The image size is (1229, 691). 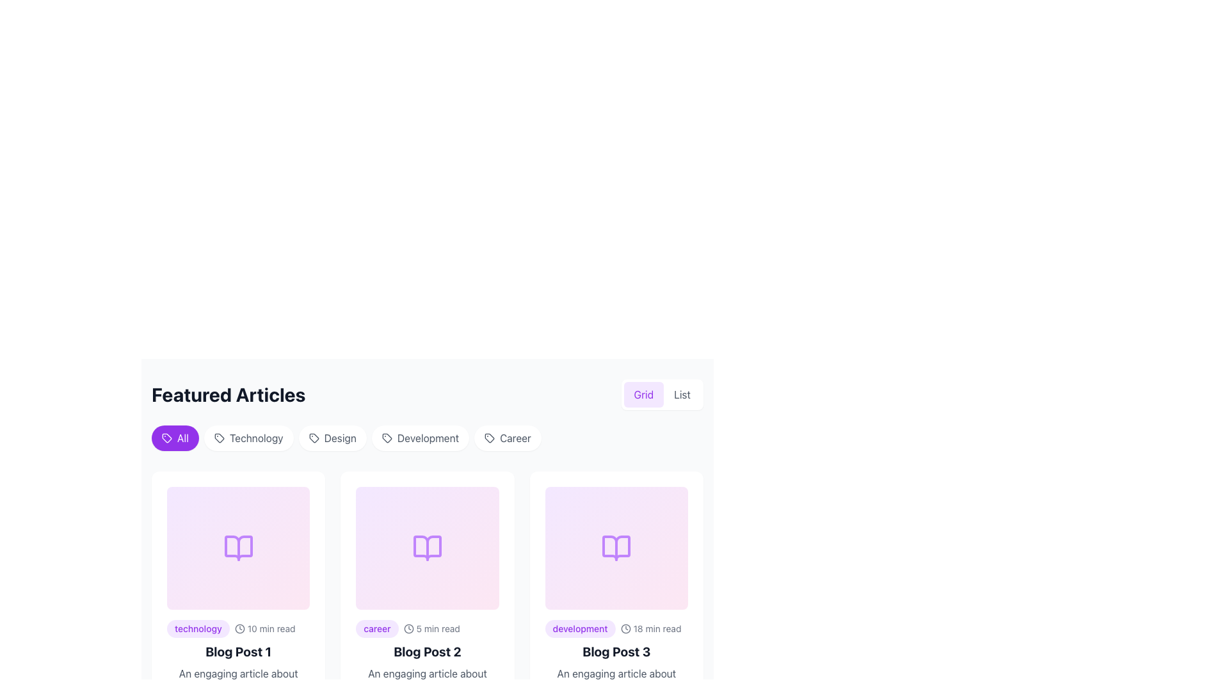 I want to click on the category tag label located in the upper left corner of the first article card under the 'Featured Articles' section, aligned to the left of the '10 min read' label, so click(x=197, y=628).